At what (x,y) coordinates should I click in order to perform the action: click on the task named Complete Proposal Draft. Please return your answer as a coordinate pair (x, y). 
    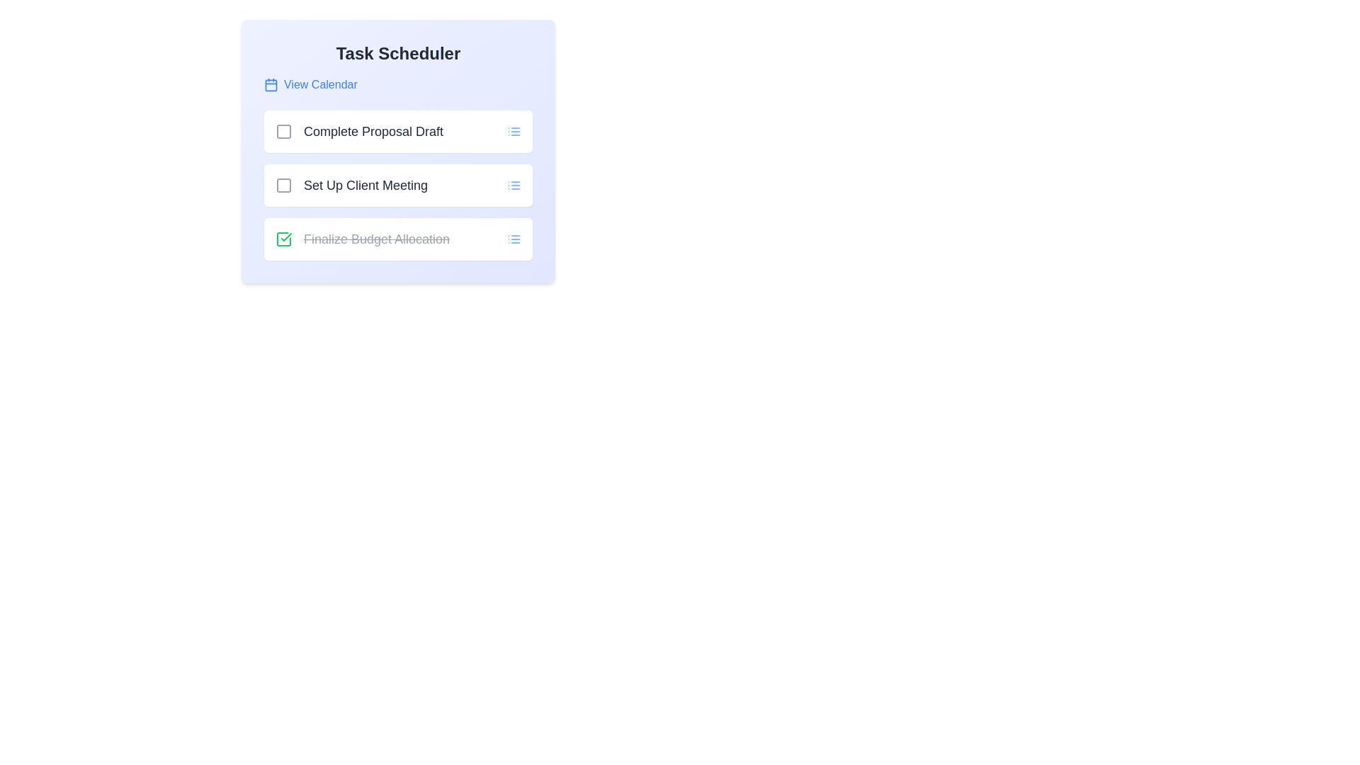
    Looking at the image, I should click on (283, 131).